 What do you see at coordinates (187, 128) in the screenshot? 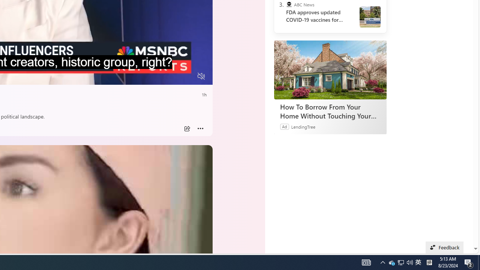
I see `'Share'` at bounding box center [187, 128].